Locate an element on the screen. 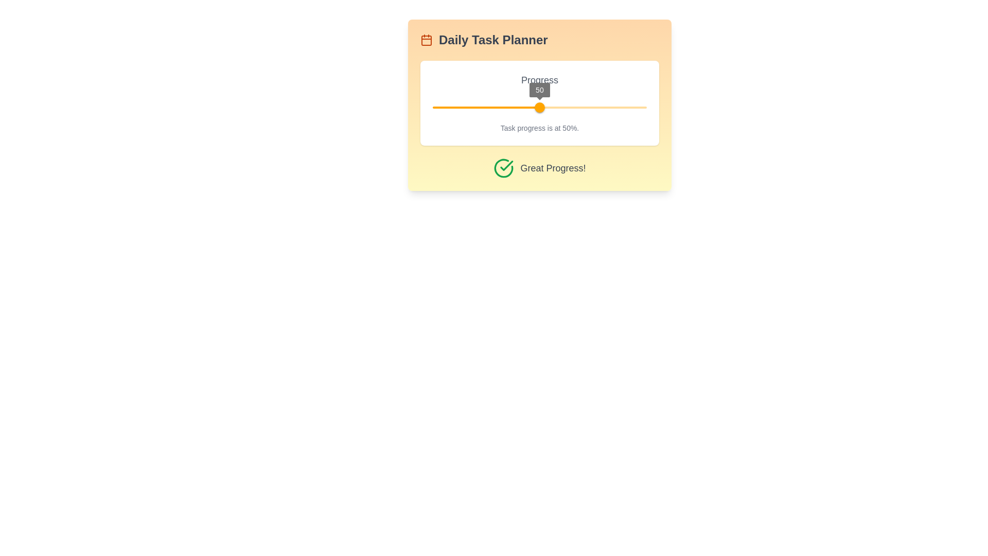 The height and width of the screenshot is (556, 988). text that serves as the title for the daily task planner section, located to the right of a small calendar icon at the top of the card-like component is located at coordinates (492, 39).